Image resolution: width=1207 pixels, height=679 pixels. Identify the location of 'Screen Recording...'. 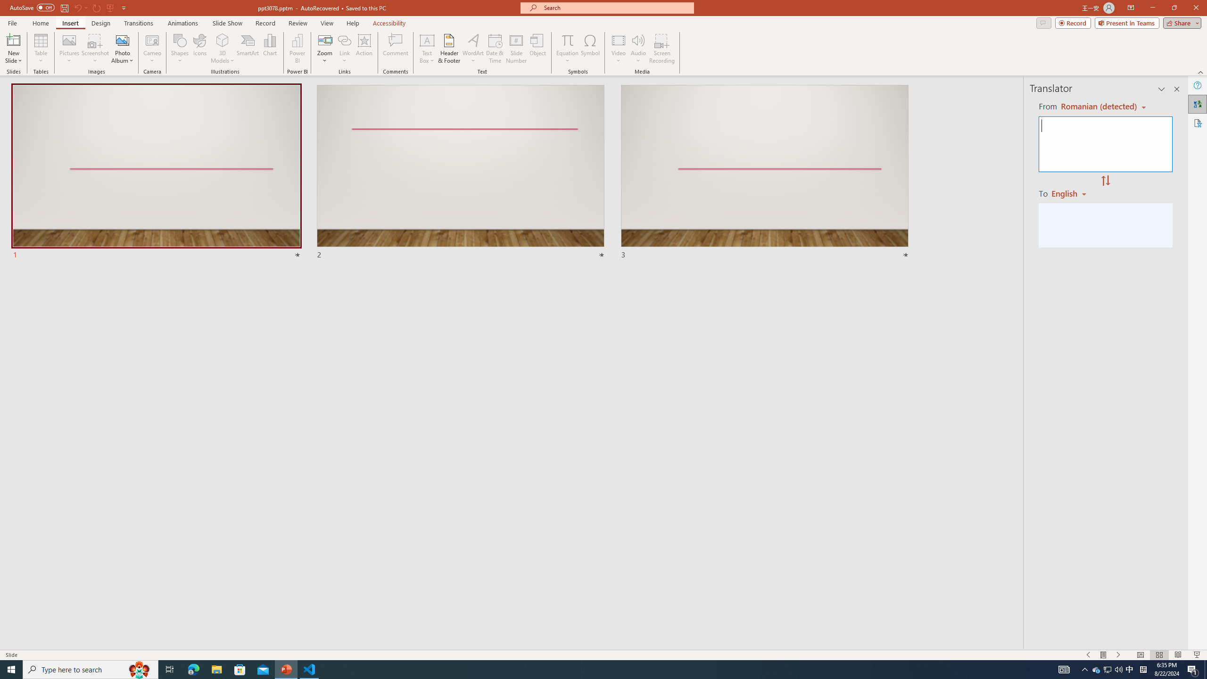
(661, 49).